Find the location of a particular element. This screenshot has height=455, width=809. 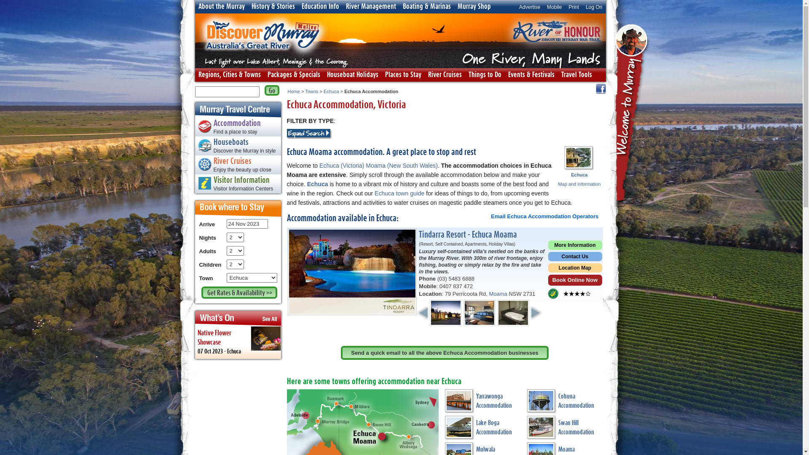

'Print' is located at coordinates (573, 6).